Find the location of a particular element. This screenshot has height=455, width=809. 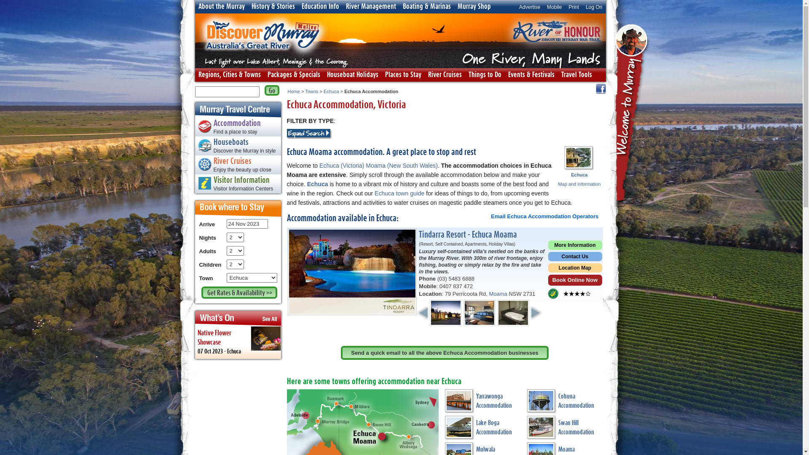

'Print' is located at coordinates (573, 6).